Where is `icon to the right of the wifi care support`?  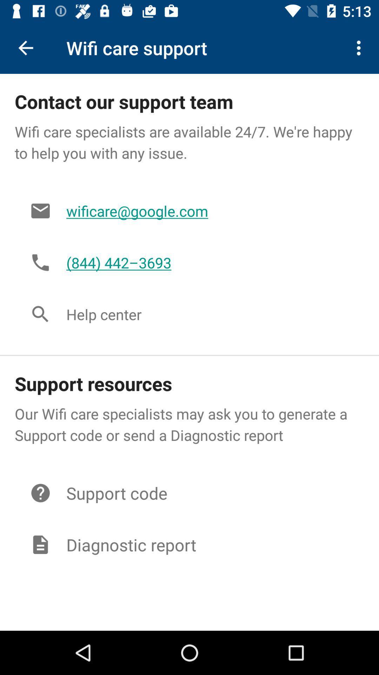
icon to the right of the wifi care support is located at coordinates (360, 47).